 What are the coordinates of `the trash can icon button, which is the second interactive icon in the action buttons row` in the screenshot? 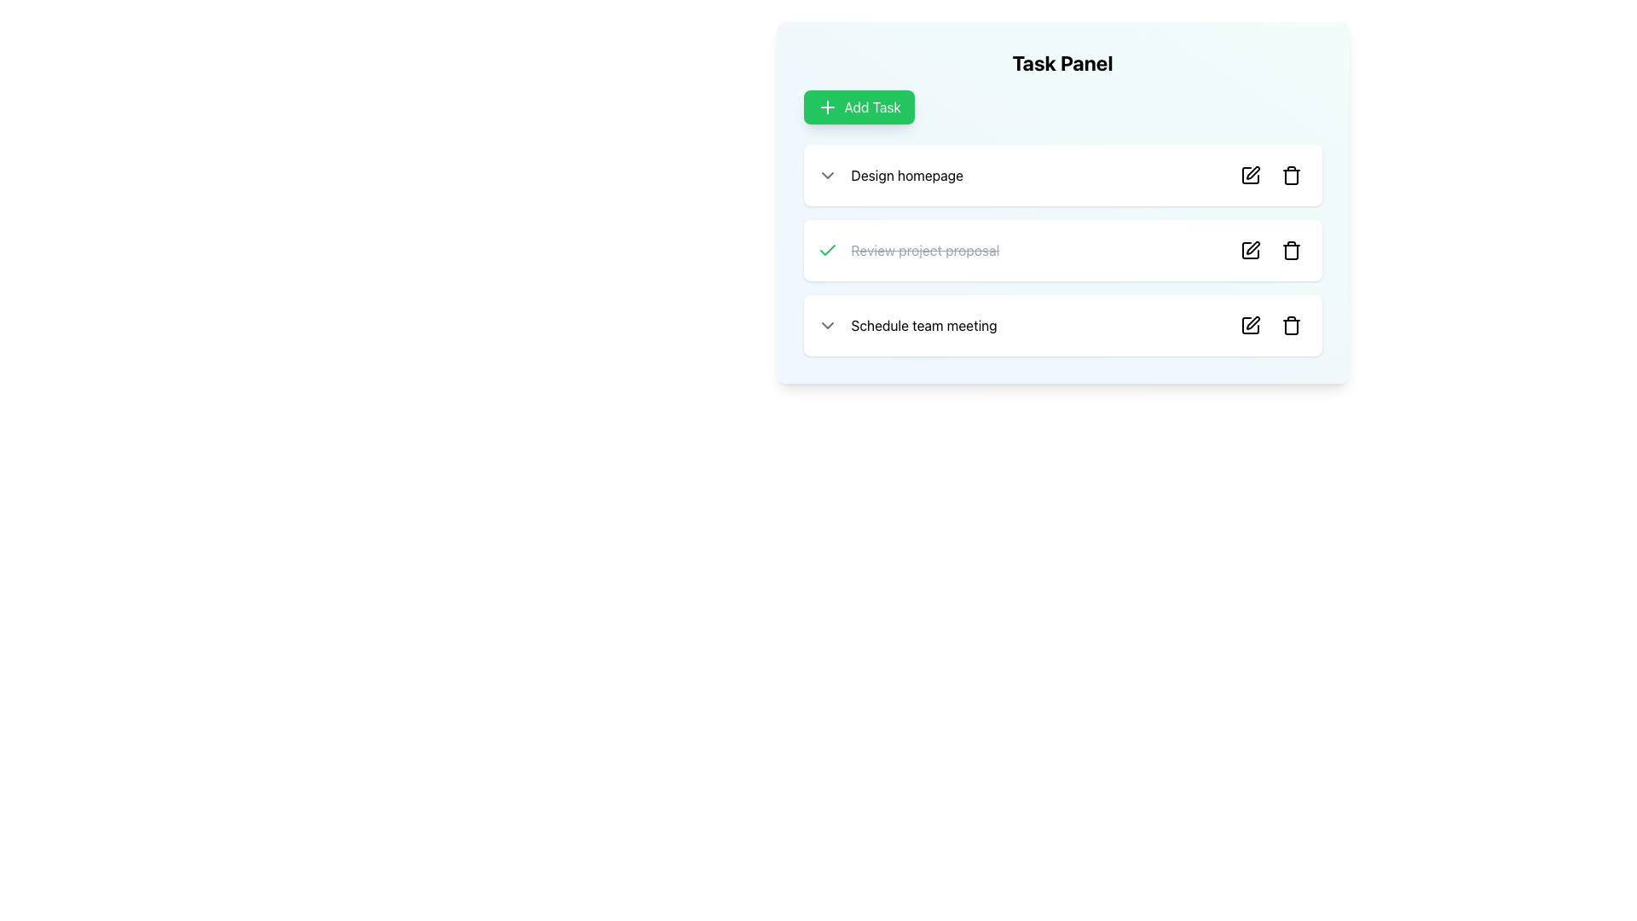 It's located at (1291, 250).